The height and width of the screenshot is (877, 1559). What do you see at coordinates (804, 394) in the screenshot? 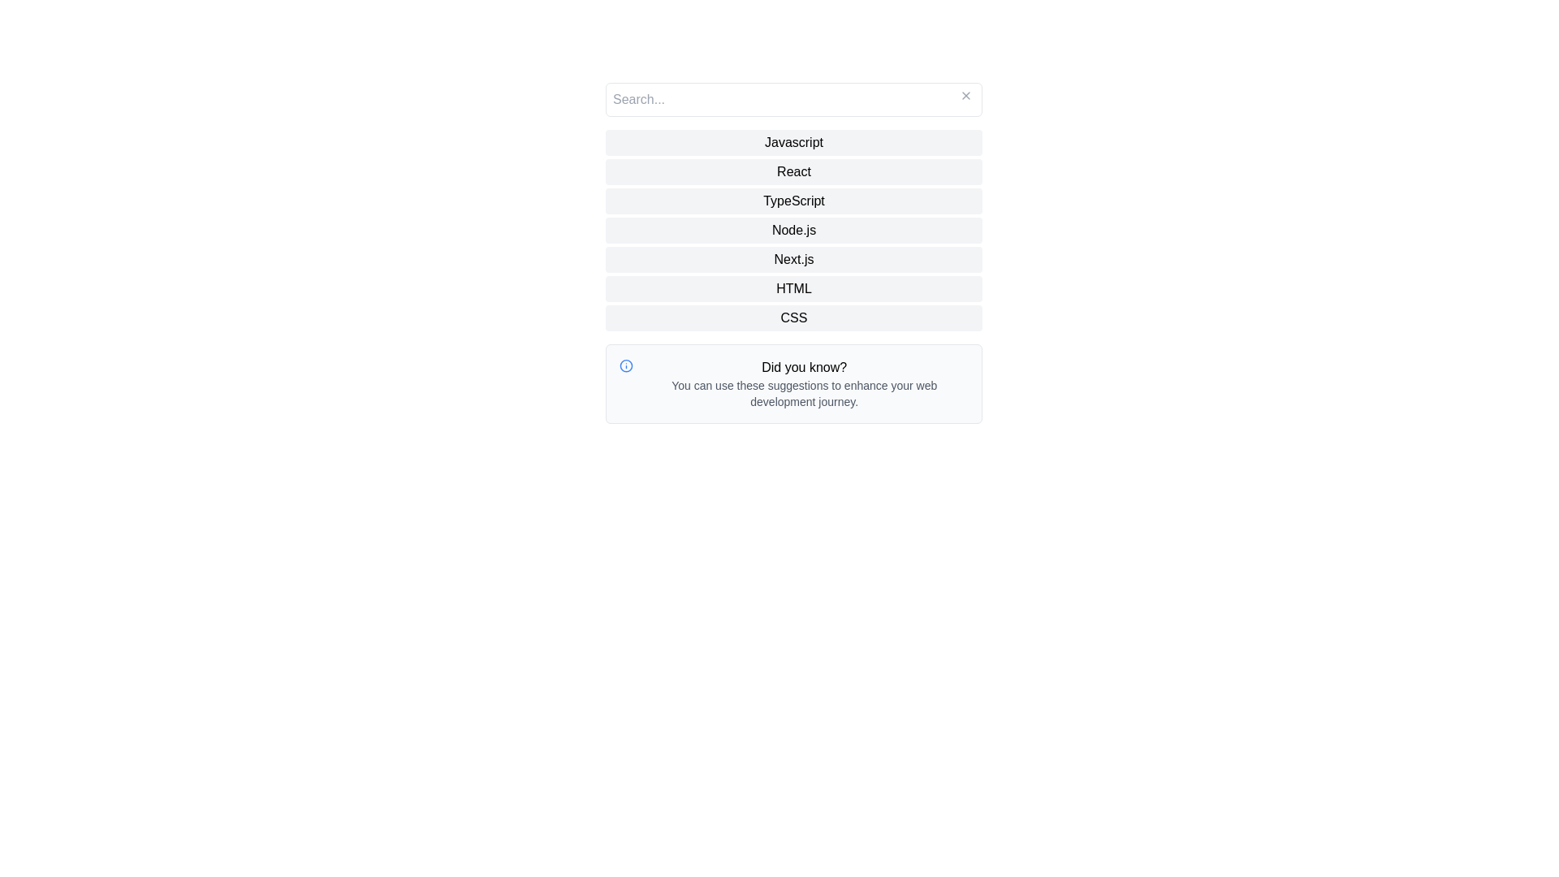
I see `the textual element styled in a small font size and gray color, containing the sentence 'You can use these suggestions to enhance your web development journey.', which is positioned directly below the header 'Did you know?'` at bounding box center [804, 394].